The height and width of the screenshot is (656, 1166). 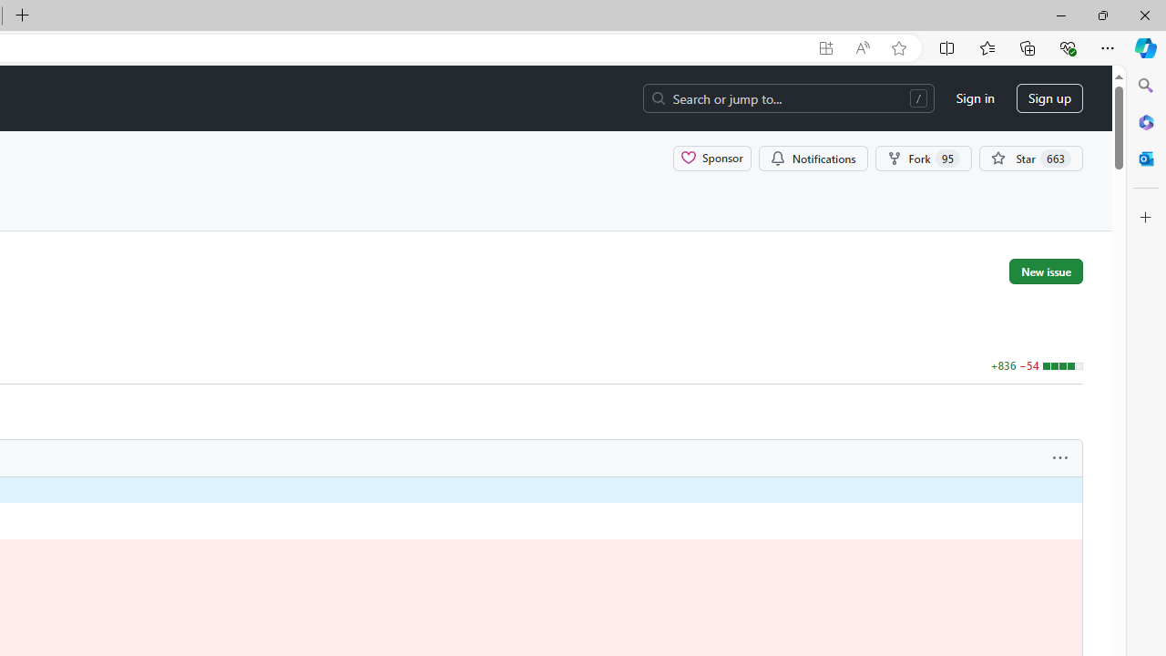 What do you see at coordinates (974, 98) in the screenshot?
I see `'Sign in'` at bounding box center [974, 98].